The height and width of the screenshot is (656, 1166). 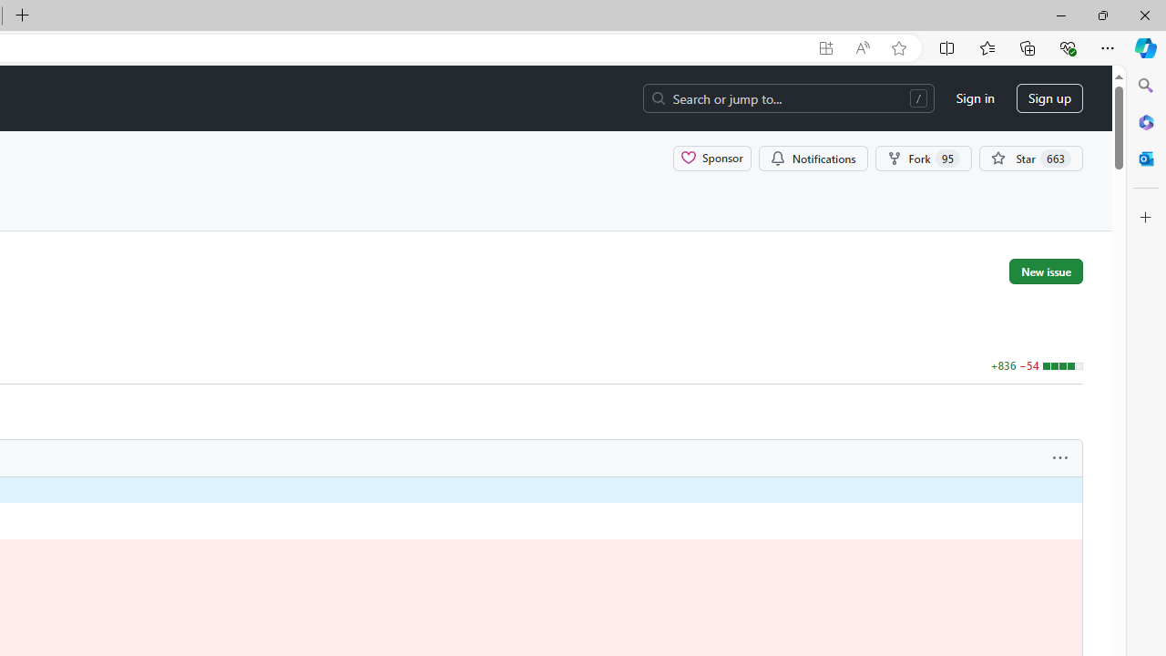 What do you see at coordinates (974, 98) in the screenshot?
I see `'Sign in'` at bounding box center [974, 98].